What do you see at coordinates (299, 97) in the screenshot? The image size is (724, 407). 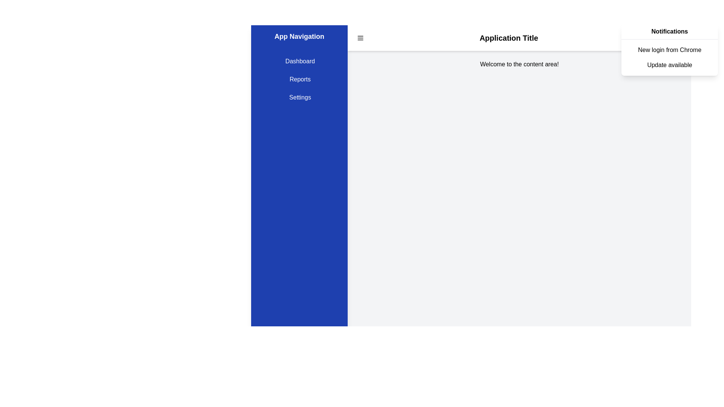 I see `the third button in the vertical navigation menu on the left side of the interface` at bounding box center [299, 97].